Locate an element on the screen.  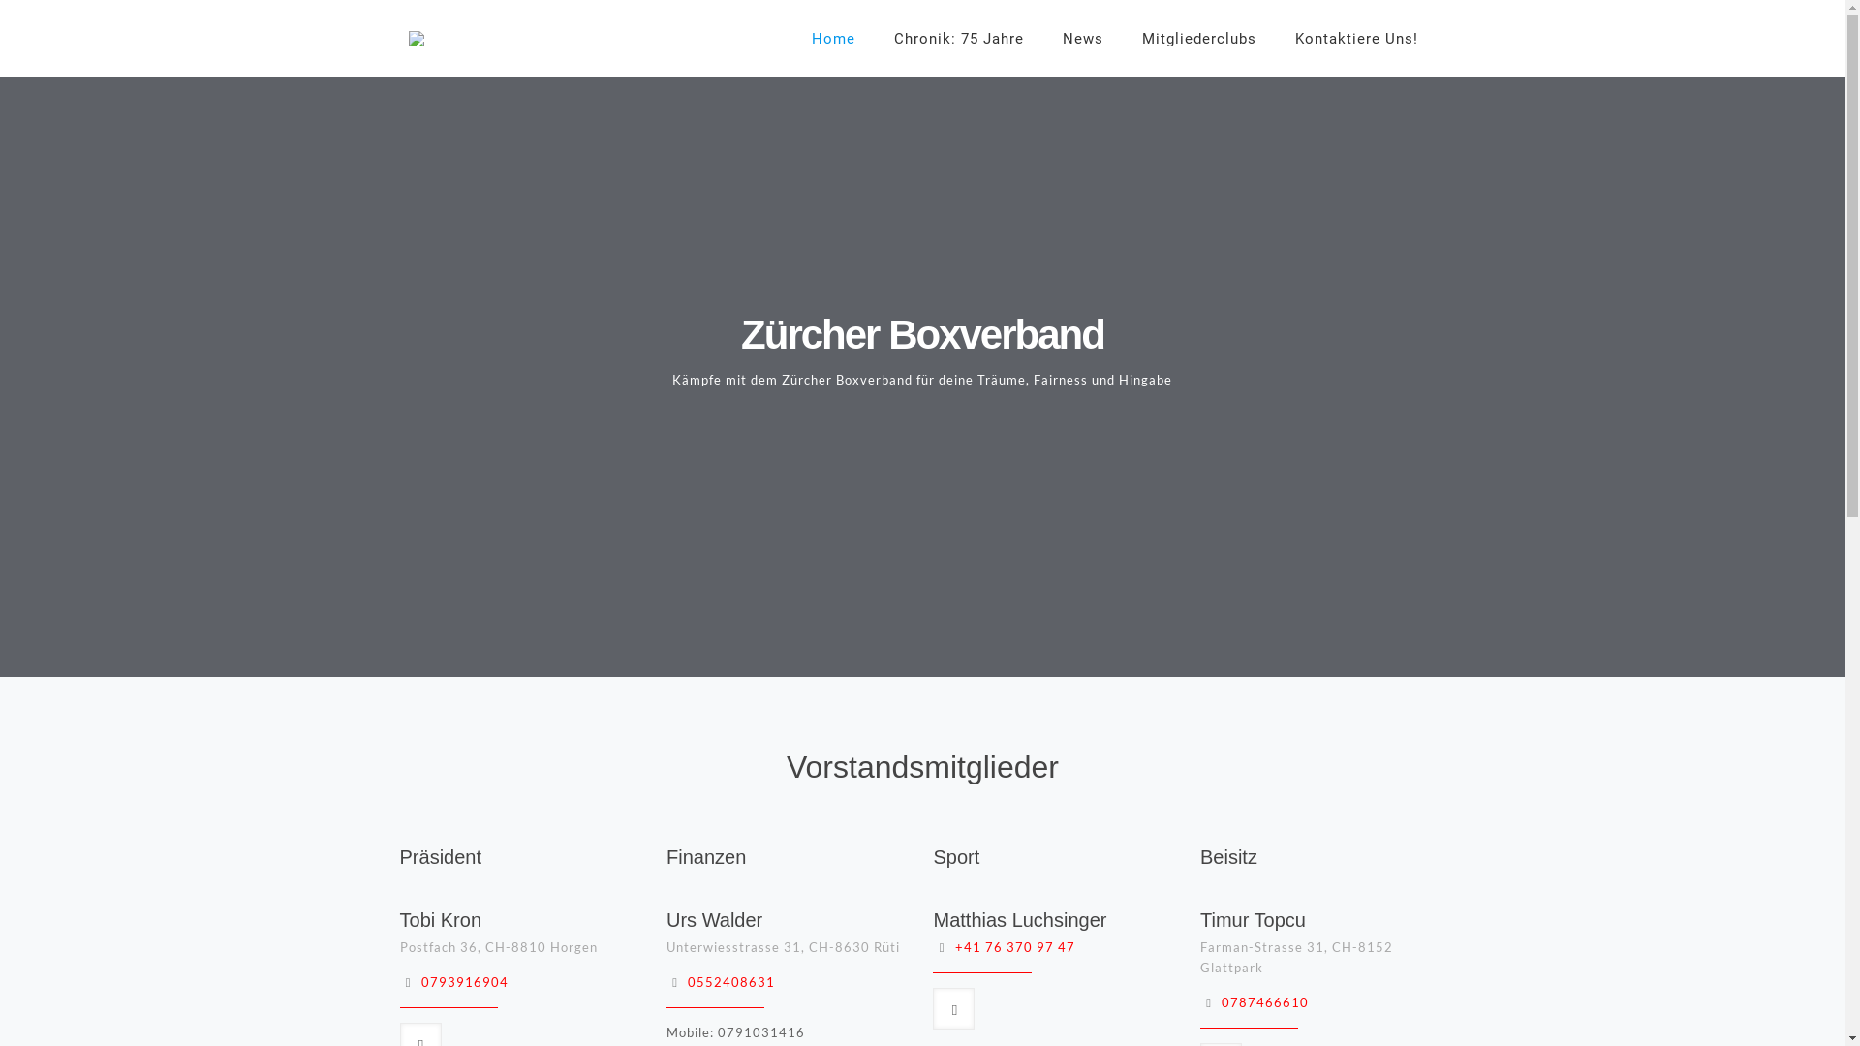
'News' is located at coordinates (1081, 38).